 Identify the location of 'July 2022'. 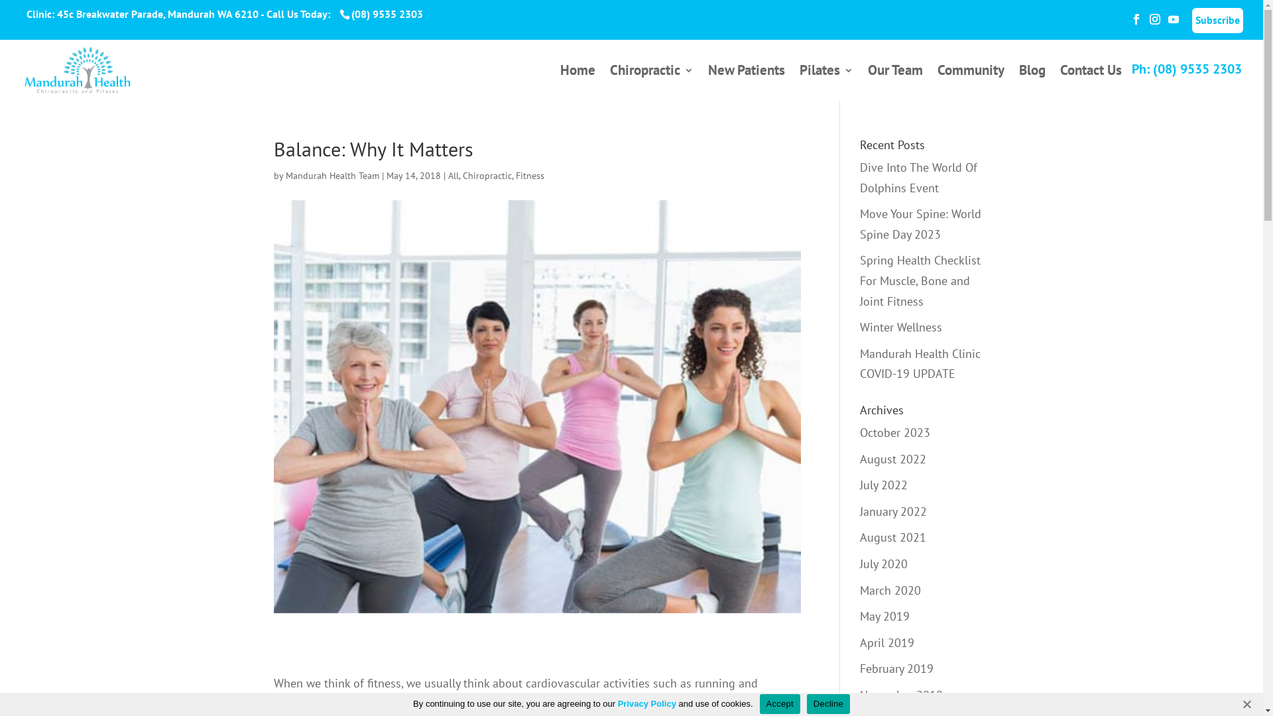
(859, 485).